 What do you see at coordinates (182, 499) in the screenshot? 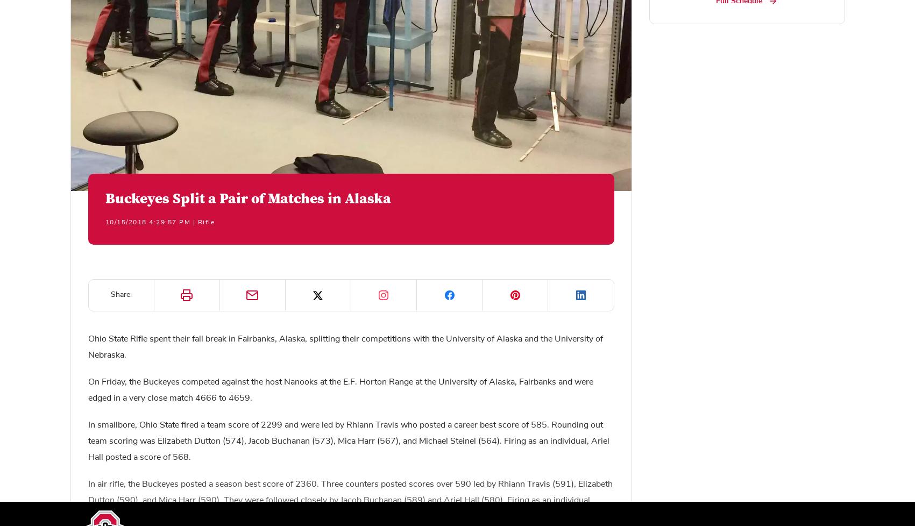
I see `'Privacy Policy'` at bounding box center [182, 499].